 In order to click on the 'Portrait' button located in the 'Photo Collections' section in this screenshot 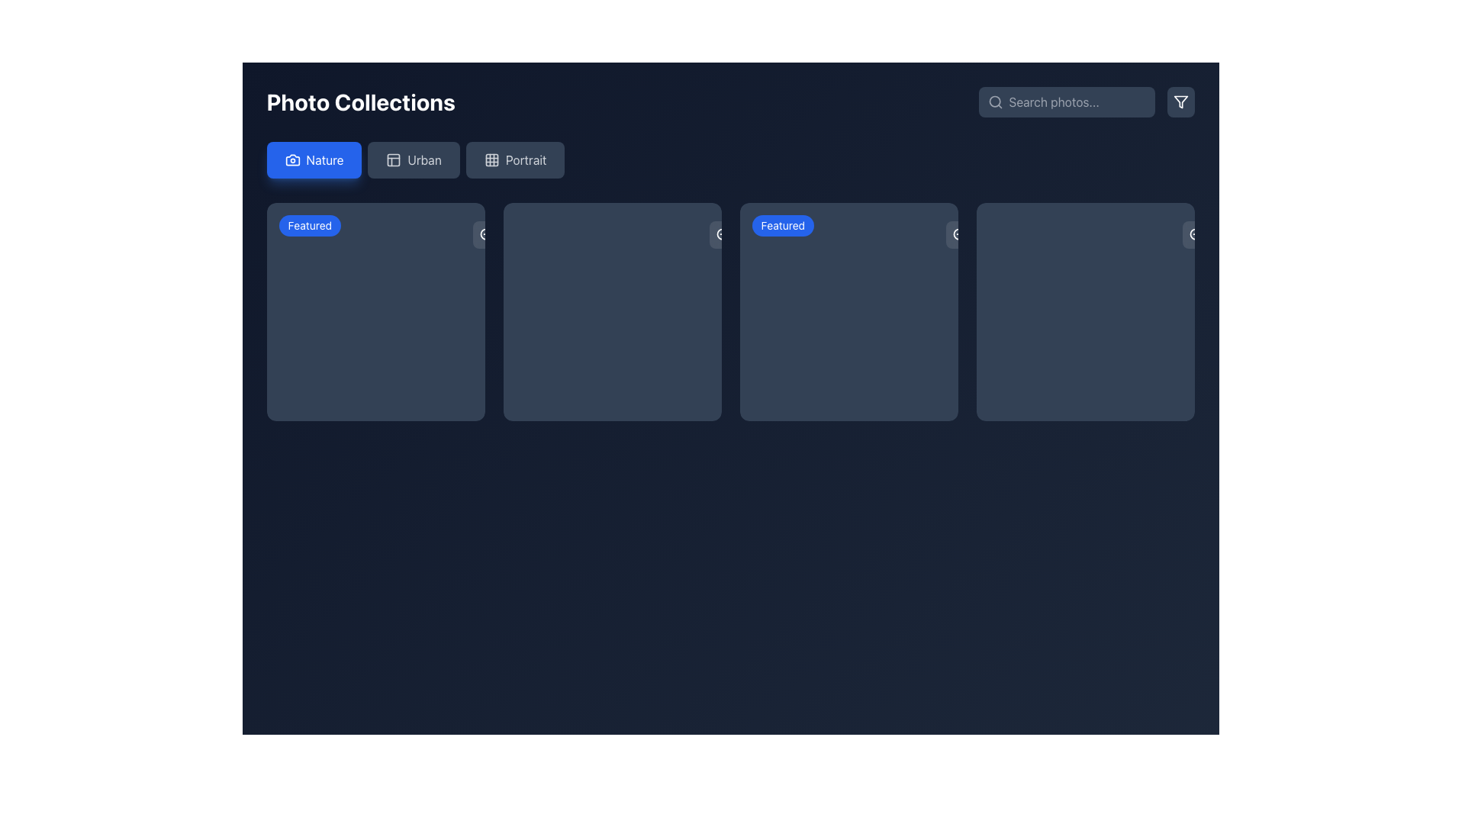, I will do `click(515, 159)`.